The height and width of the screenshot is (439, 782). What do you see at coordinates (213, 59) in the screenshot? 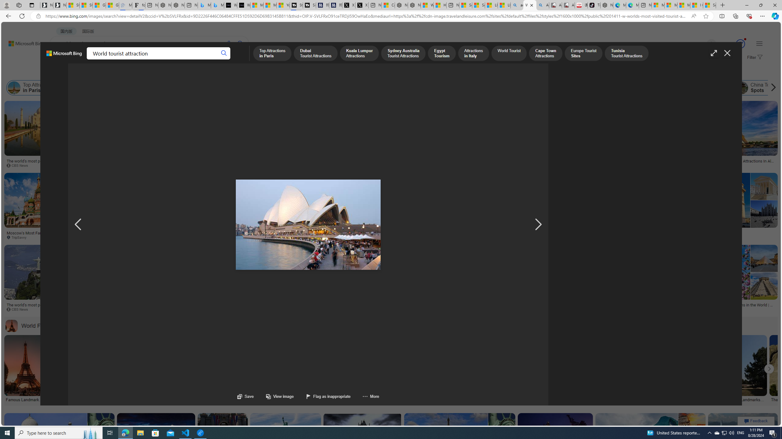
I see `'MAPS'` at bounding box center [213, 59].